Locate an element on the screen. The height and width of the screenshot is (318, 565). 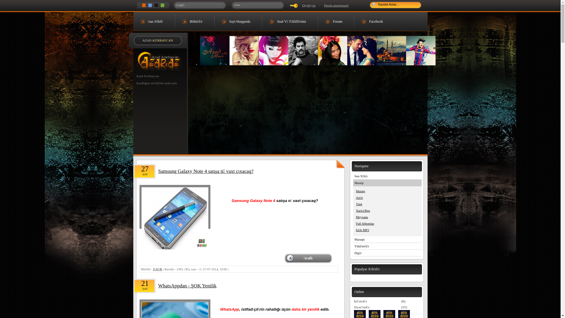
'ZAUR' is located at coordinates (153, 269).